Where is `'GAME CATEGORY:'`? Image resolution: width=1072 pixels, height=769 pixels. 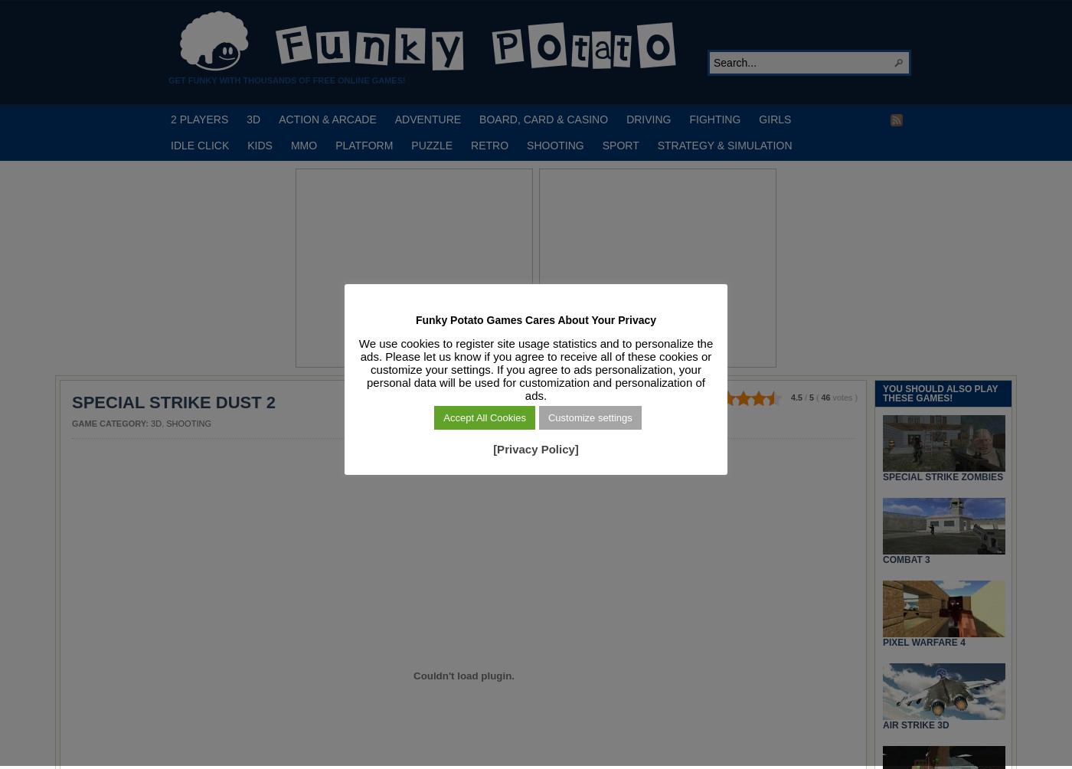
'GAME CATEGORY:' is located at coordinates (111, 424).